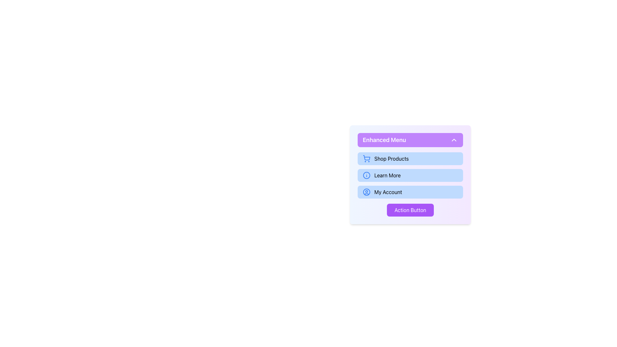 Image resolution: width=617 pixels, height=347 pixels. Describe the element at coordinates (367, 175) in the screenshot. I see `the circular icon to the left of the 'Learn More' text in the Enhanced Menu, which is the second icon in the vertical stack of options` at that location.